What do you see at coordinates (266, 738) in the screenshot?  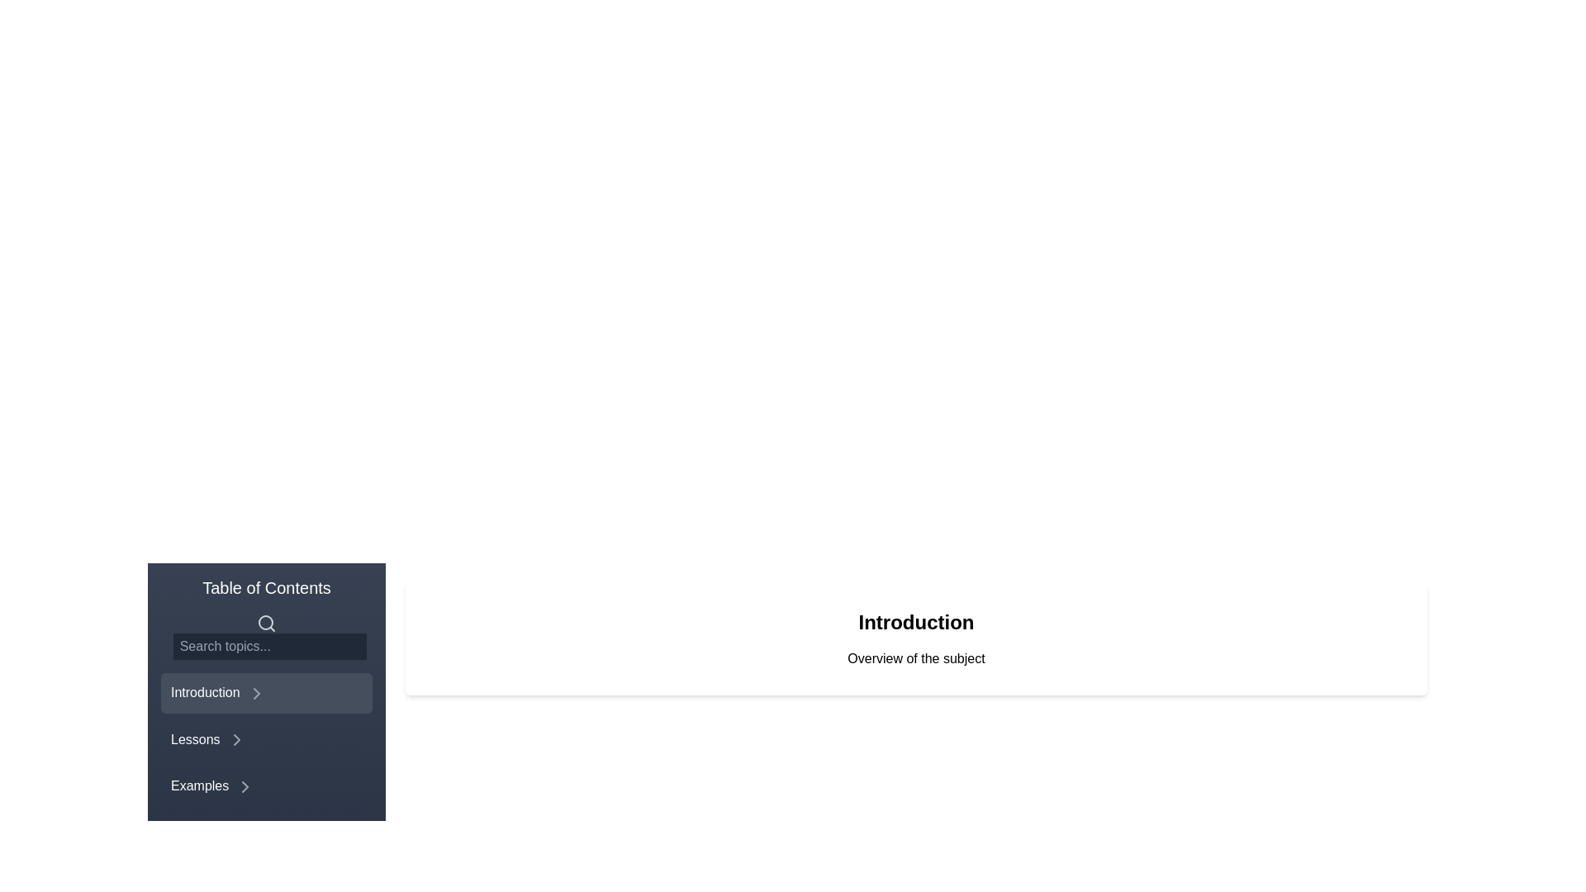 I see `the 'Lessons' button located directly below the 'Introduction' button in the sidebar` at bounding box center [266, 738].